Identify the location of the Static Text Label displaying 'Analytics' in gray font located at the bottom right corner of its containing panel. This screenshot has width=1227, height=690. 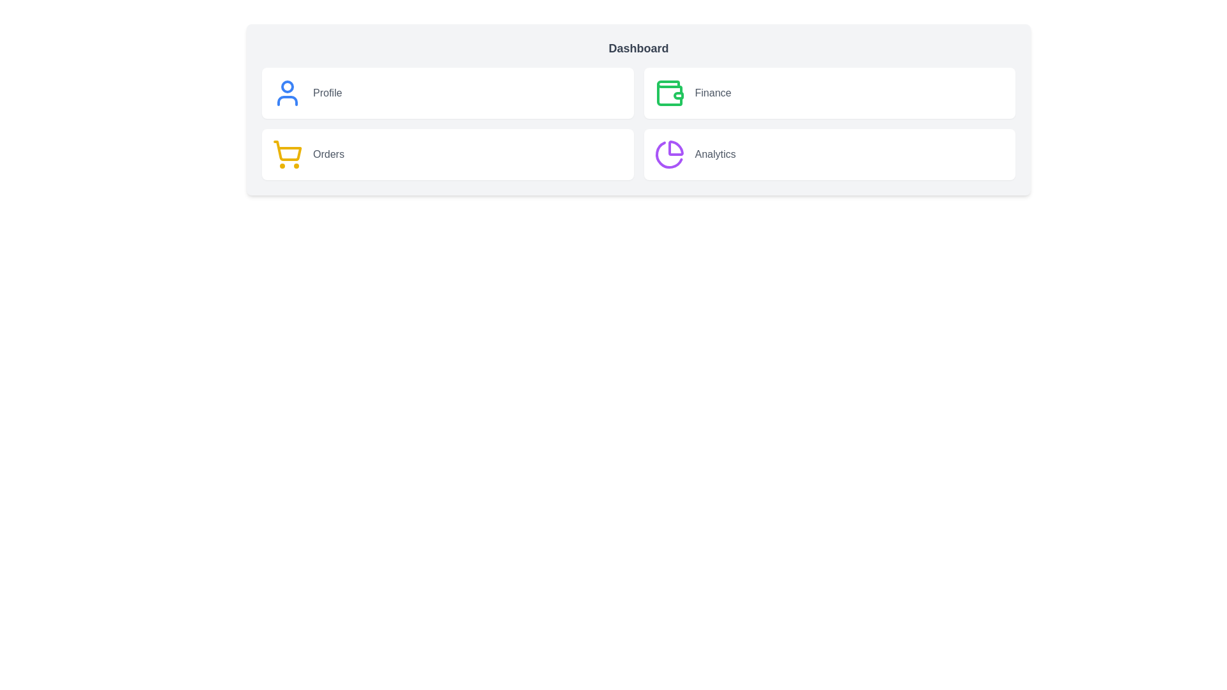
(714, 154).